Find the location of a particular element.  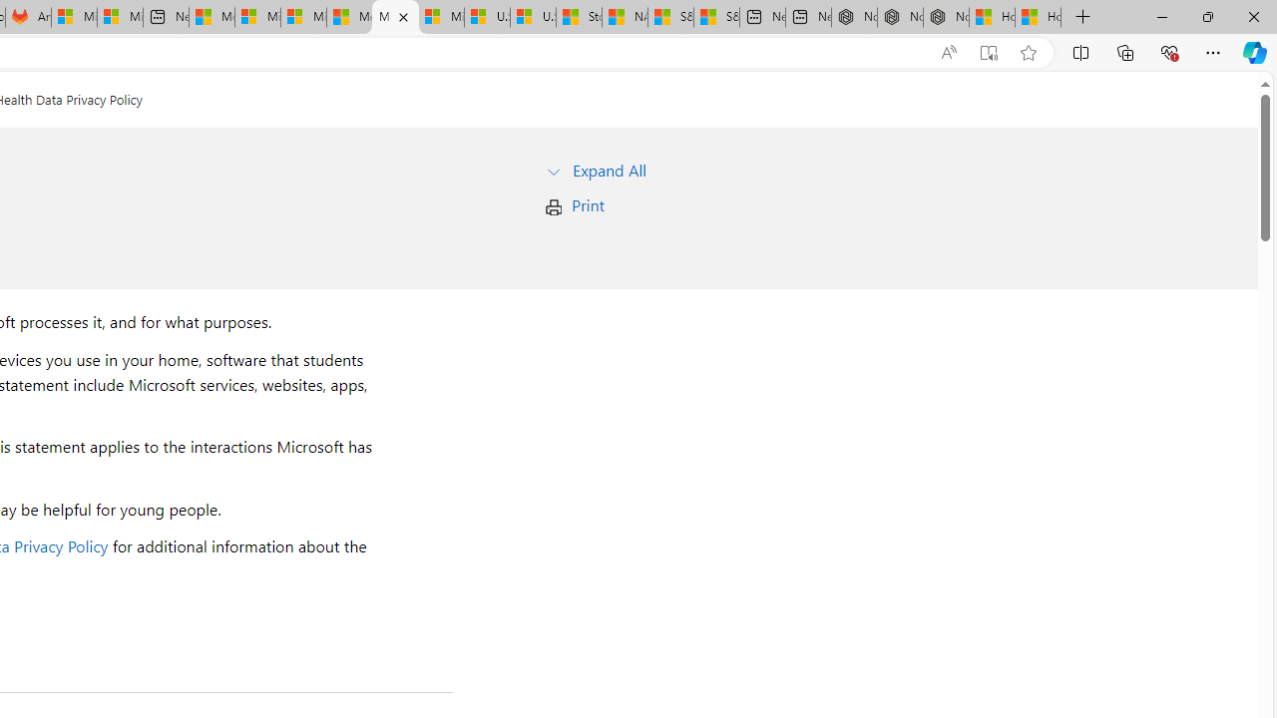

'Print' is located at coordinates (587, 204).